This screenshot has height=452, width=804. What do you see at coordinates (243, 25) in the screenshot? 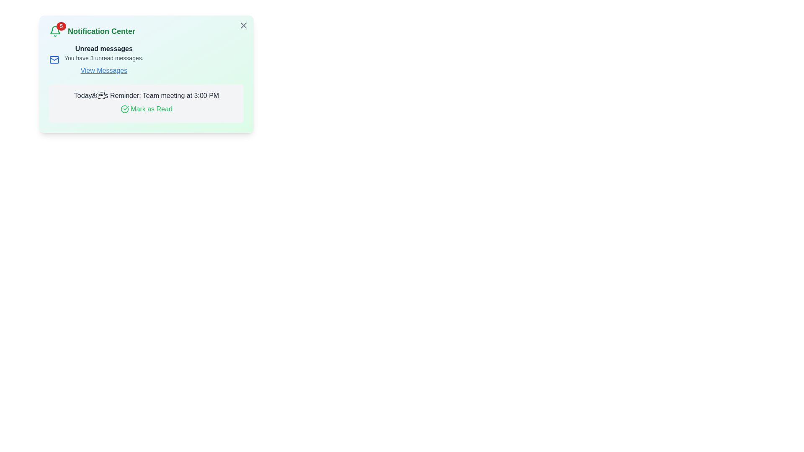
I see `the small, cross-shaped icon located at the top-right corner of the notification card interface` at bounding box center [243, 25].